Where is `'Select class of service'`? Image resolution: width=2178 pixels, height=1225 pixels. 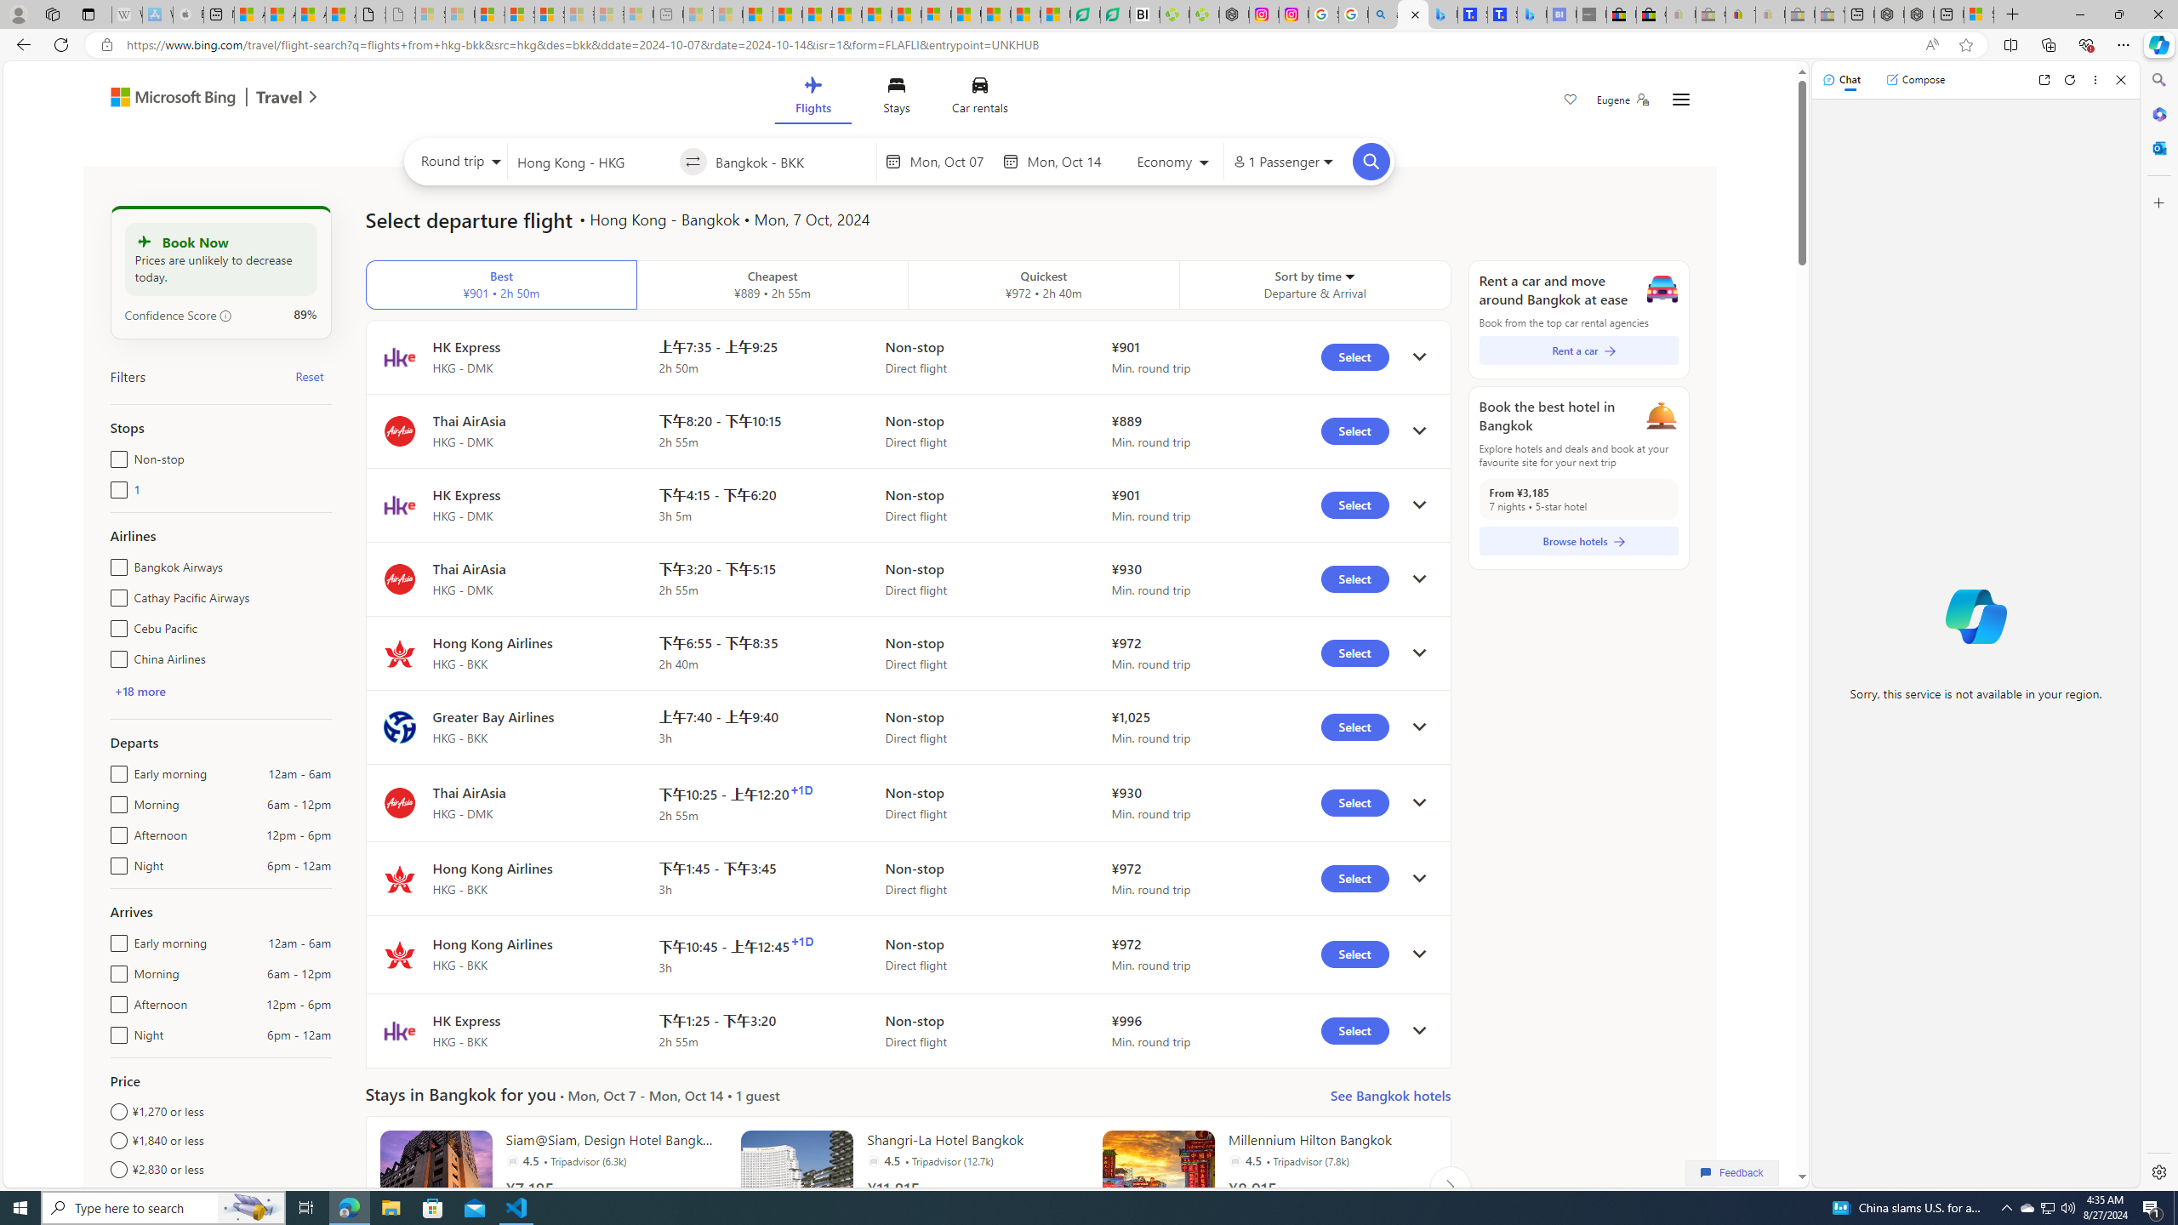 'Select class of service' is located at coordinates (1172, 163).